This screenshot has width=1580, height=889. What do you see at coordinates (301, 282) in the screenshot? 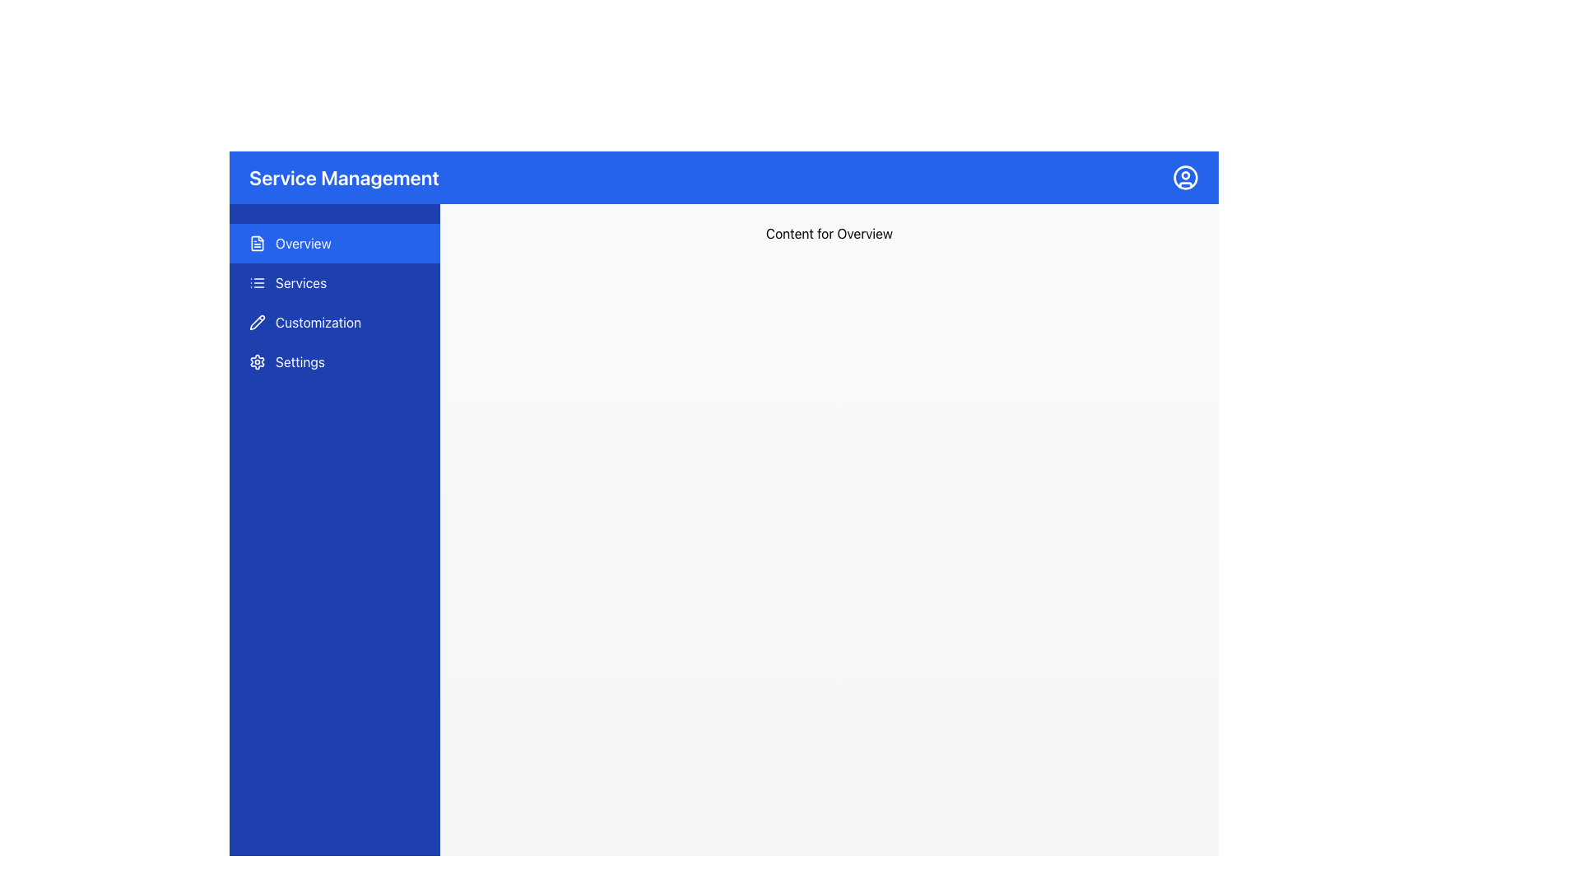
I see `the 'Services' navigation link in the sidebar menu` at bounding box center [301, 282].